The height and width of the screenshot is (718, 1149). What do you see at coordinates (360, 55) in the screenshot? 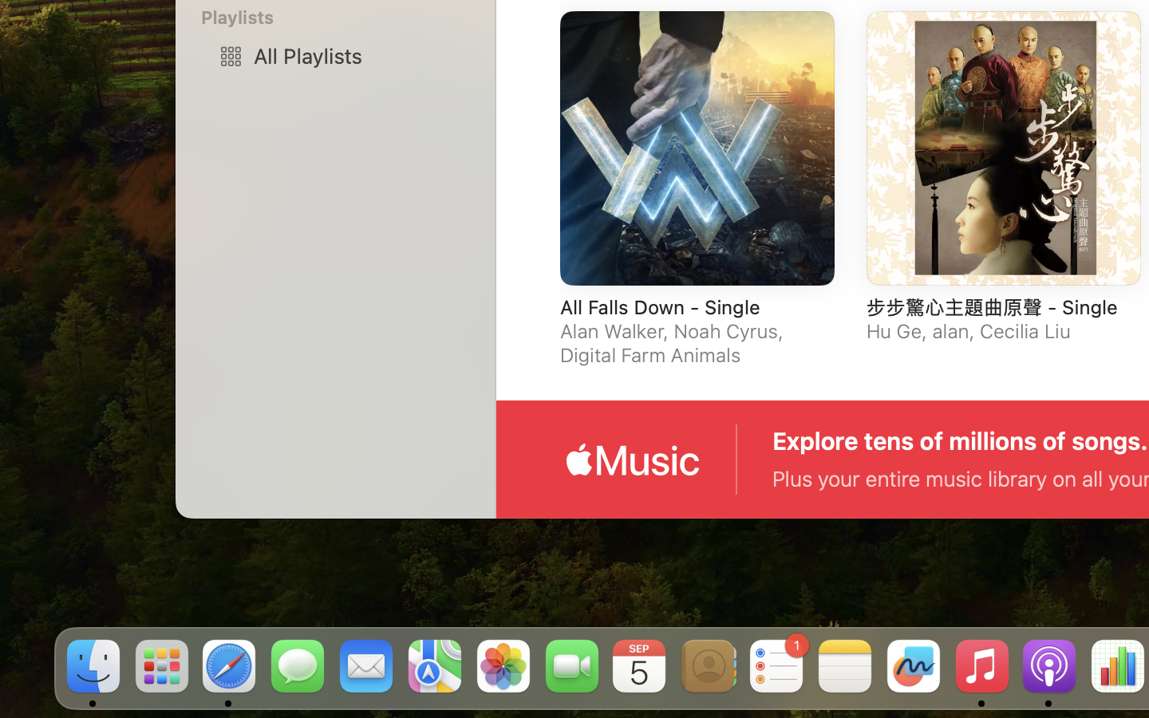
I see `'All Playlists'` at bounding box center [360, 55].